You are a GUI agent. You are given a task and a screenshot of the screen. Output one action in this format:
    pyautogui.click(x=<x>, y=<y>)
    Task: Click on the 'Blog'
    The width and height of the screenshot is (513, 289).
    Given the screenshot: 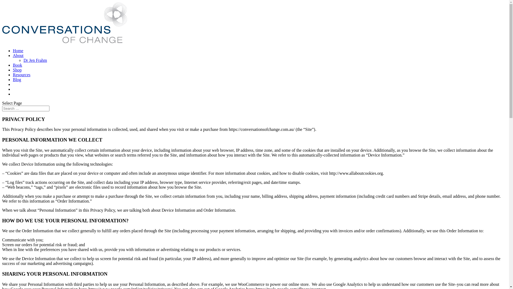 What is the action you would take?
    pyautogui.click(x=17, y=79)
    